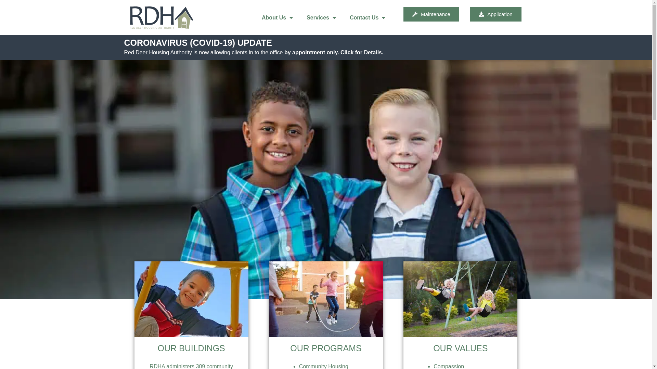  What do you see at coordinates (127, 17) in the screenshot?
I see `'RDHA logo'` at bounding box center [127, 17].